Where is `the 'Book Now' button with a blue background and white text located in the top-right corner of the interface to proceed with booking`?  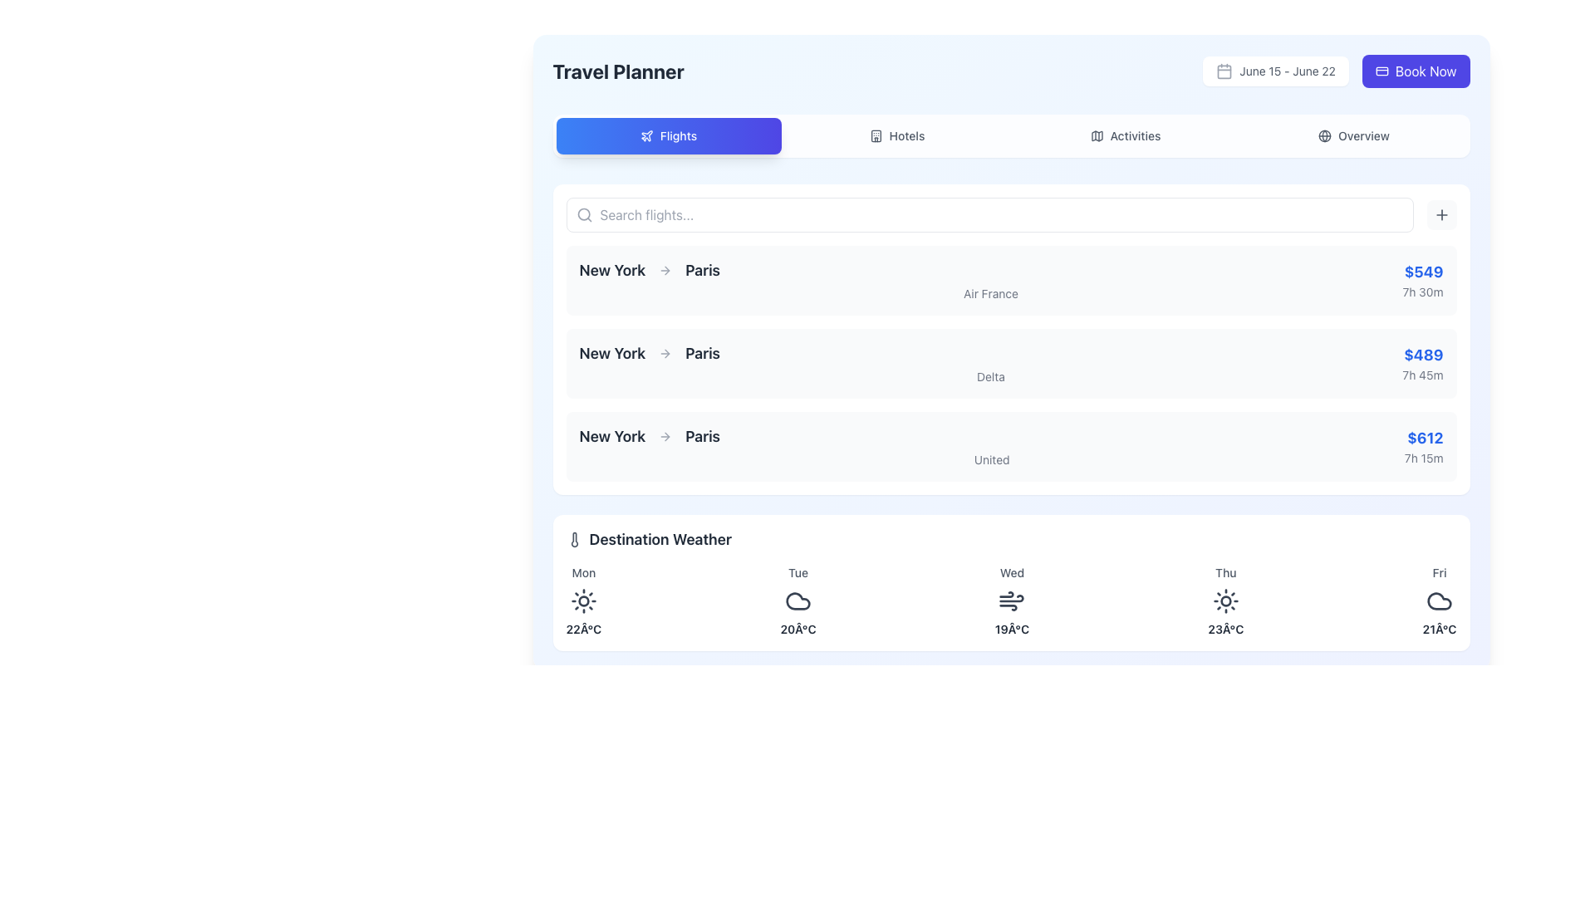 the 'Book Now' button with a blue background and white text located in the top-right corner of the interface to proceed with booking is located at coordinates (1415, 70).